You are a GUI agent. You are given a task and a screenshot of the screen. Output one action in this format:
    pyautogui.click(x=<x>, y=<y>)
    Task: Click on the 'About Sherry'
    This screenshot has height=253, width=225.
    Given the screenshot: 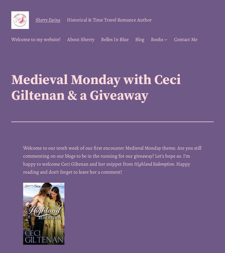 What is the action you would take?
    pyautogui.click(x=80, y=39)
    